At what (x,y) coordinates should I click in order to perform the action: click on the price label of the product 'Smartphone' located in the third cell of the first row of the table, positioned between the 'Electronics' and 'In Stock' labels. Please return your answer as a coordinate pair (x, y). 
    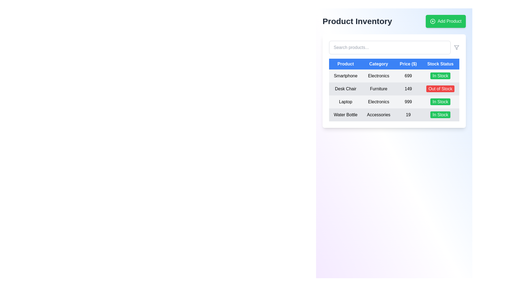
    Looking at the image, I should click on (408, 76).